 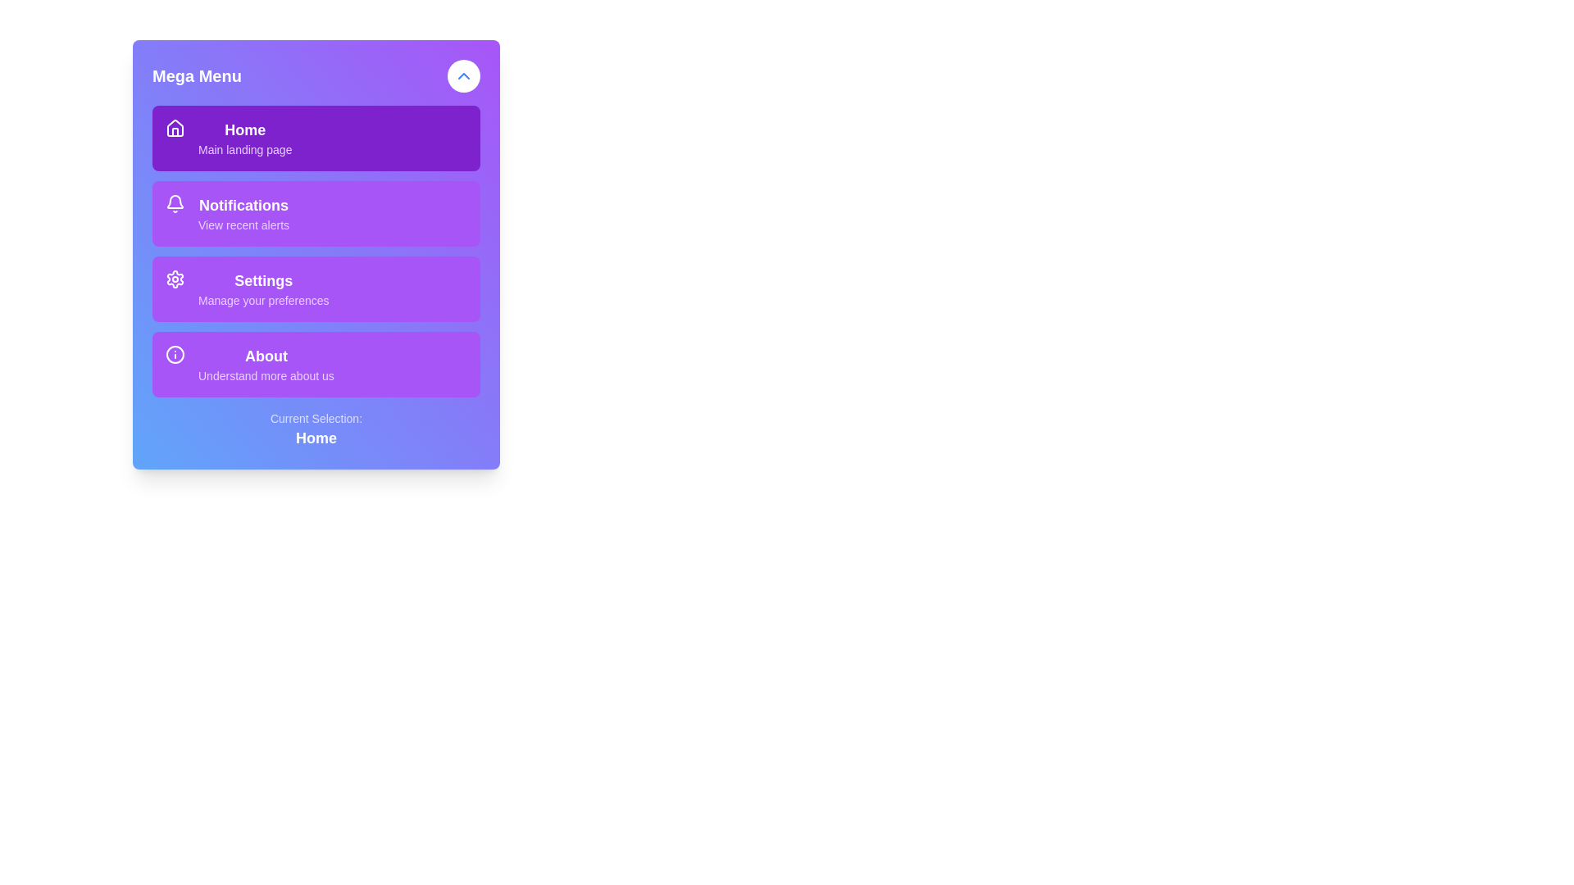 What do you see at coordinates (244, 138) in the screenshot?
I see `the 'Home' text link with the subtitle 'Main landing page' in the navigation menu` at bounding box center [244, 138].